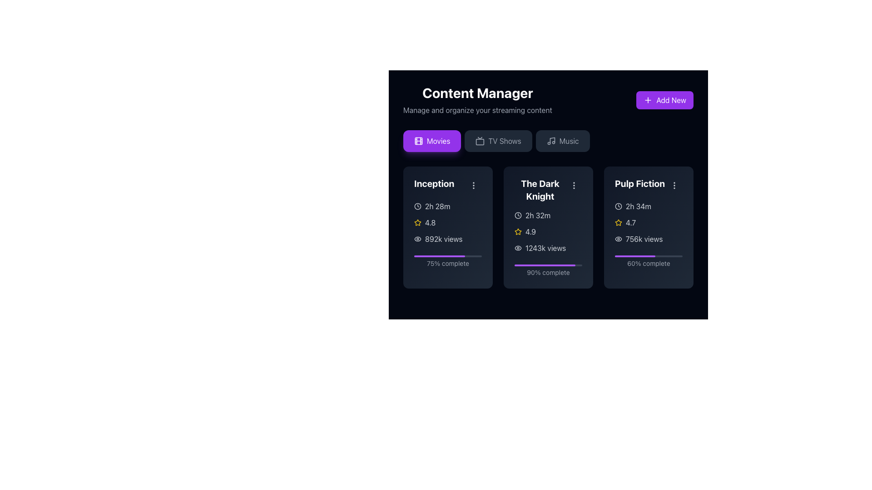 Image resolution: width=872 pixels, height=490 pixels. I want to click on text displayed on the label showing '90% complete', which is located beneath the purple progress bar for the movie 'The Dark Knight', so click(548, 272).